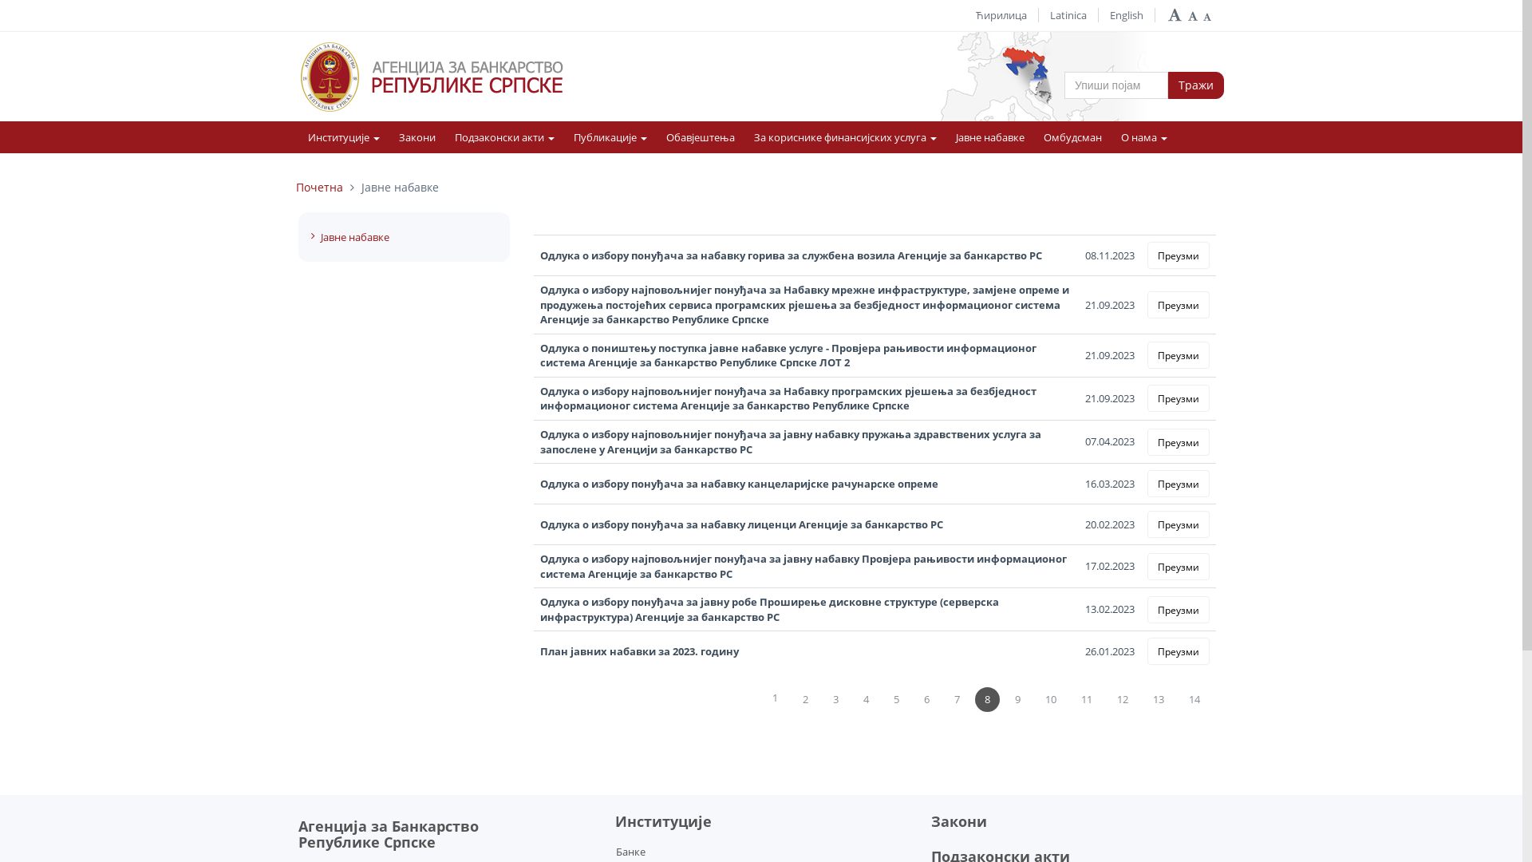 The image size is (1532, 862). I want to click on '6', so click(926, 698).